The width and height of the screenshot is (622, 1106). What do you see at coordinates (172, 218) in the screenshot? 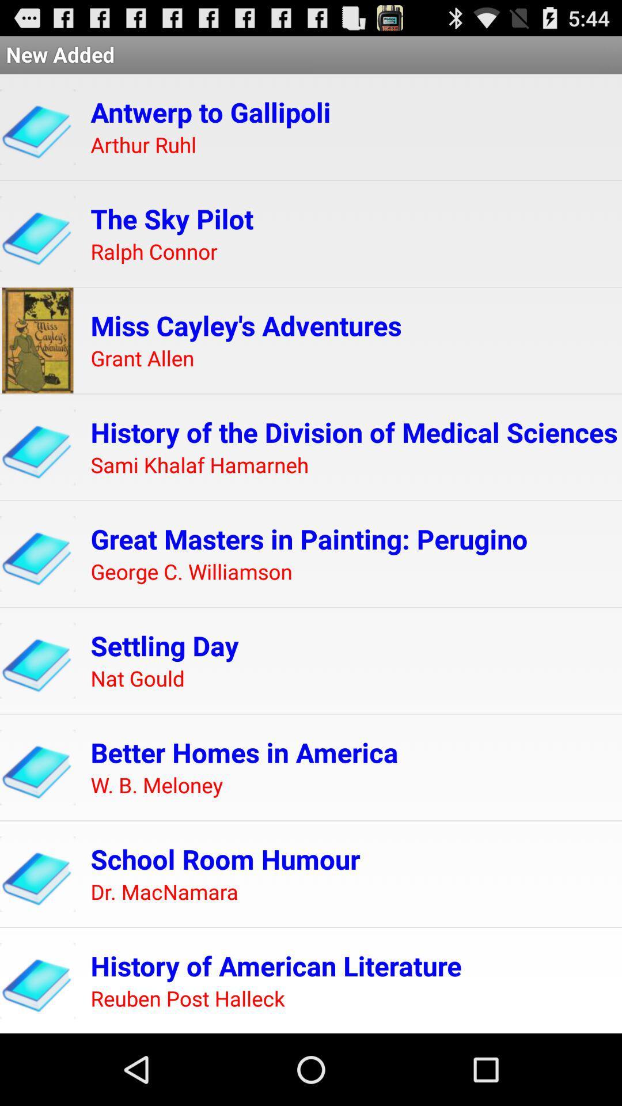
I see `the the sky pilot item` at bounding box center [172, 218].